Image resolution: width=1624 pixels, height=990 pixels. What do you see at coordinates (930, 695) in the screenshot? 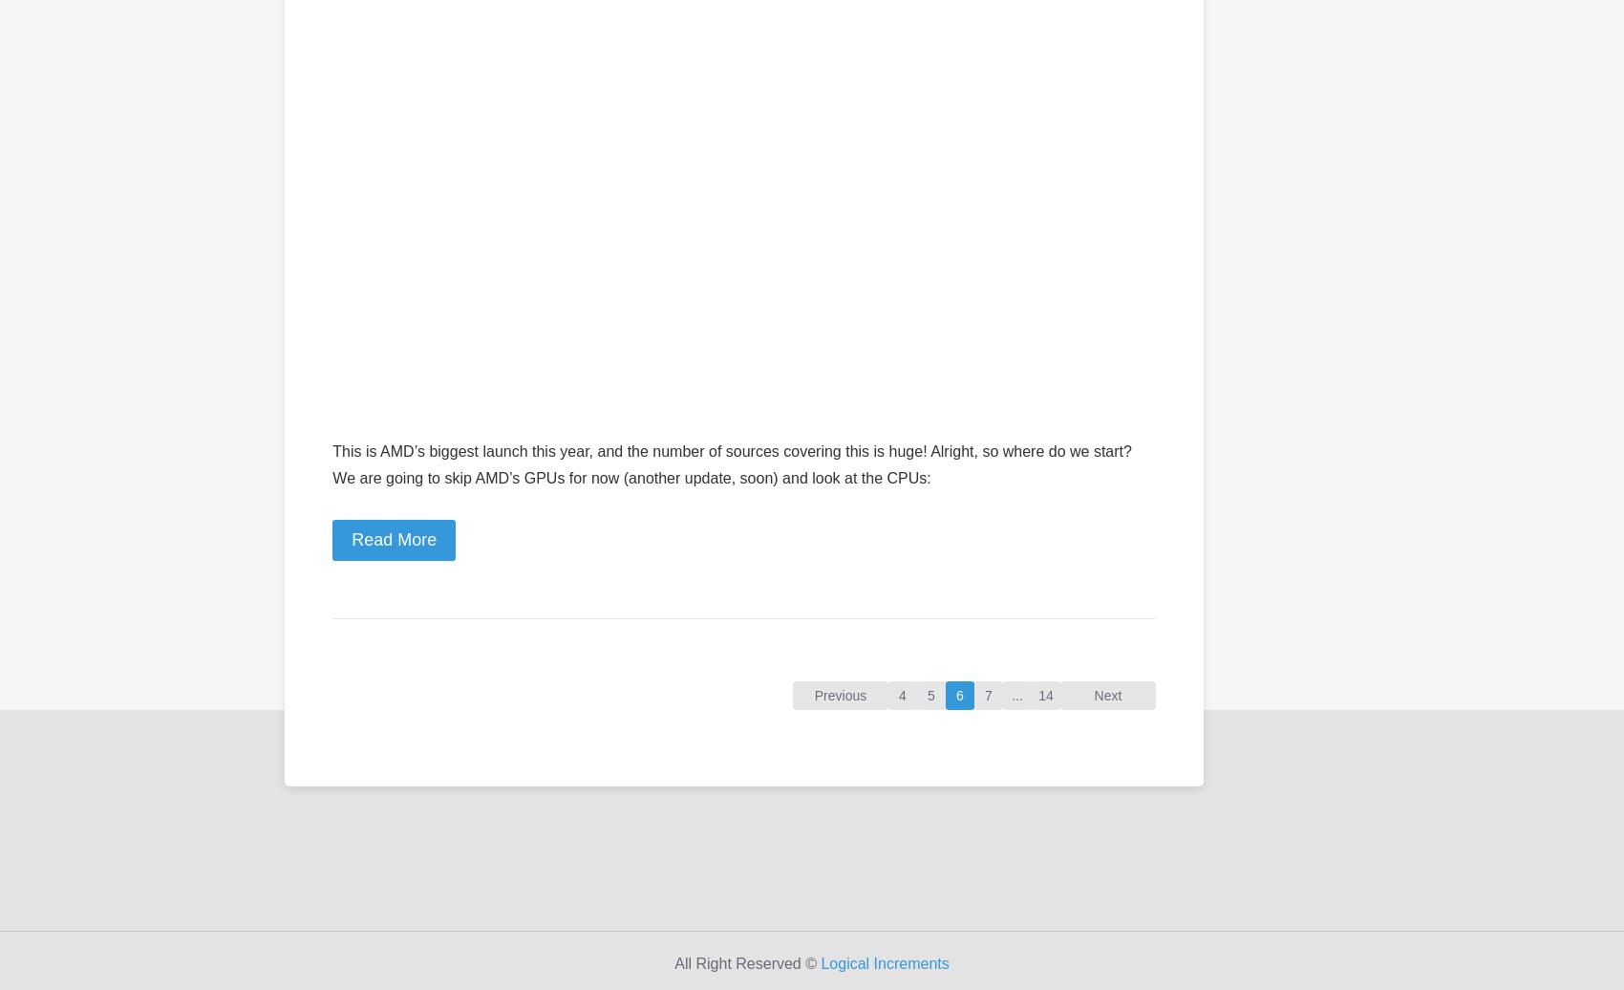
I see `'5'` at bounding box center [930, 695].